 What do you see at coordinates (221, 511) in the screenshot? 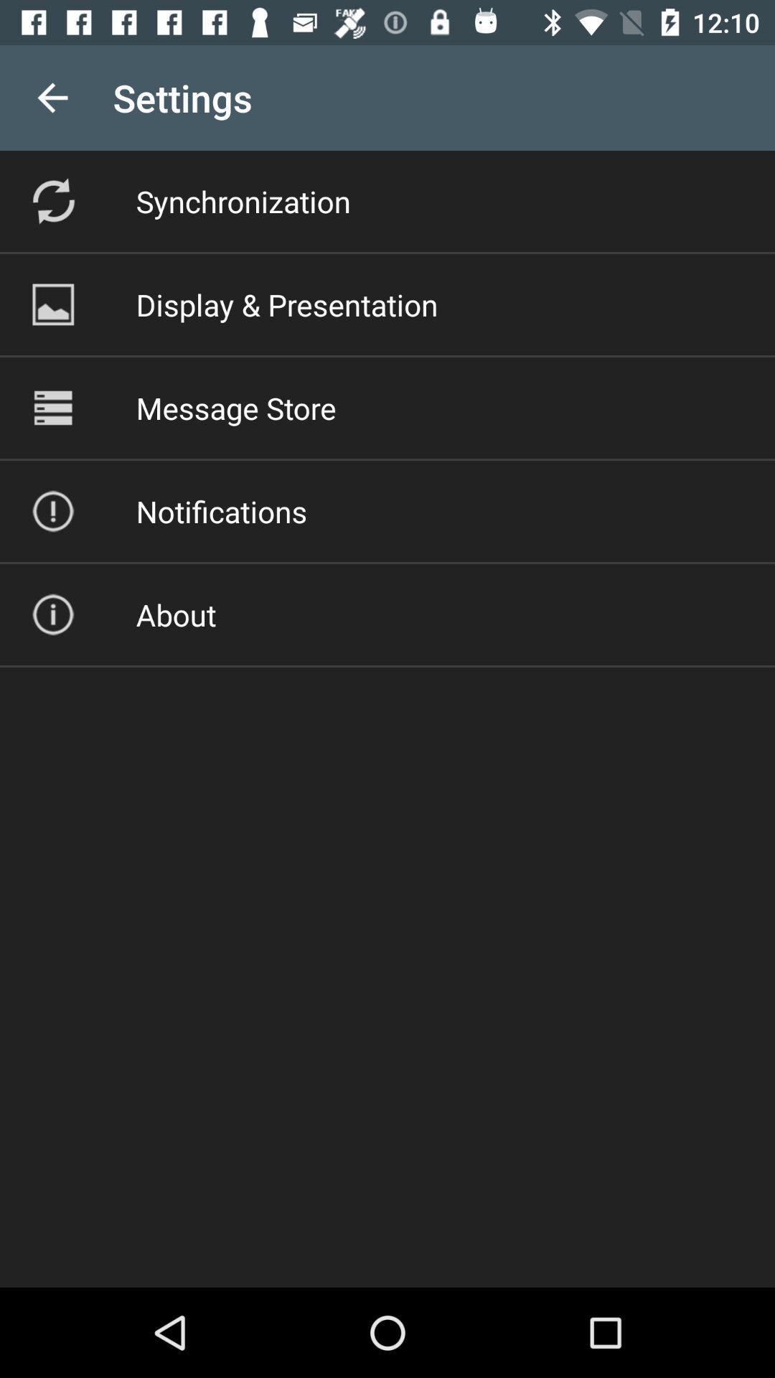
I see `the icon below the message store icon` at bounding box center [221, 511].